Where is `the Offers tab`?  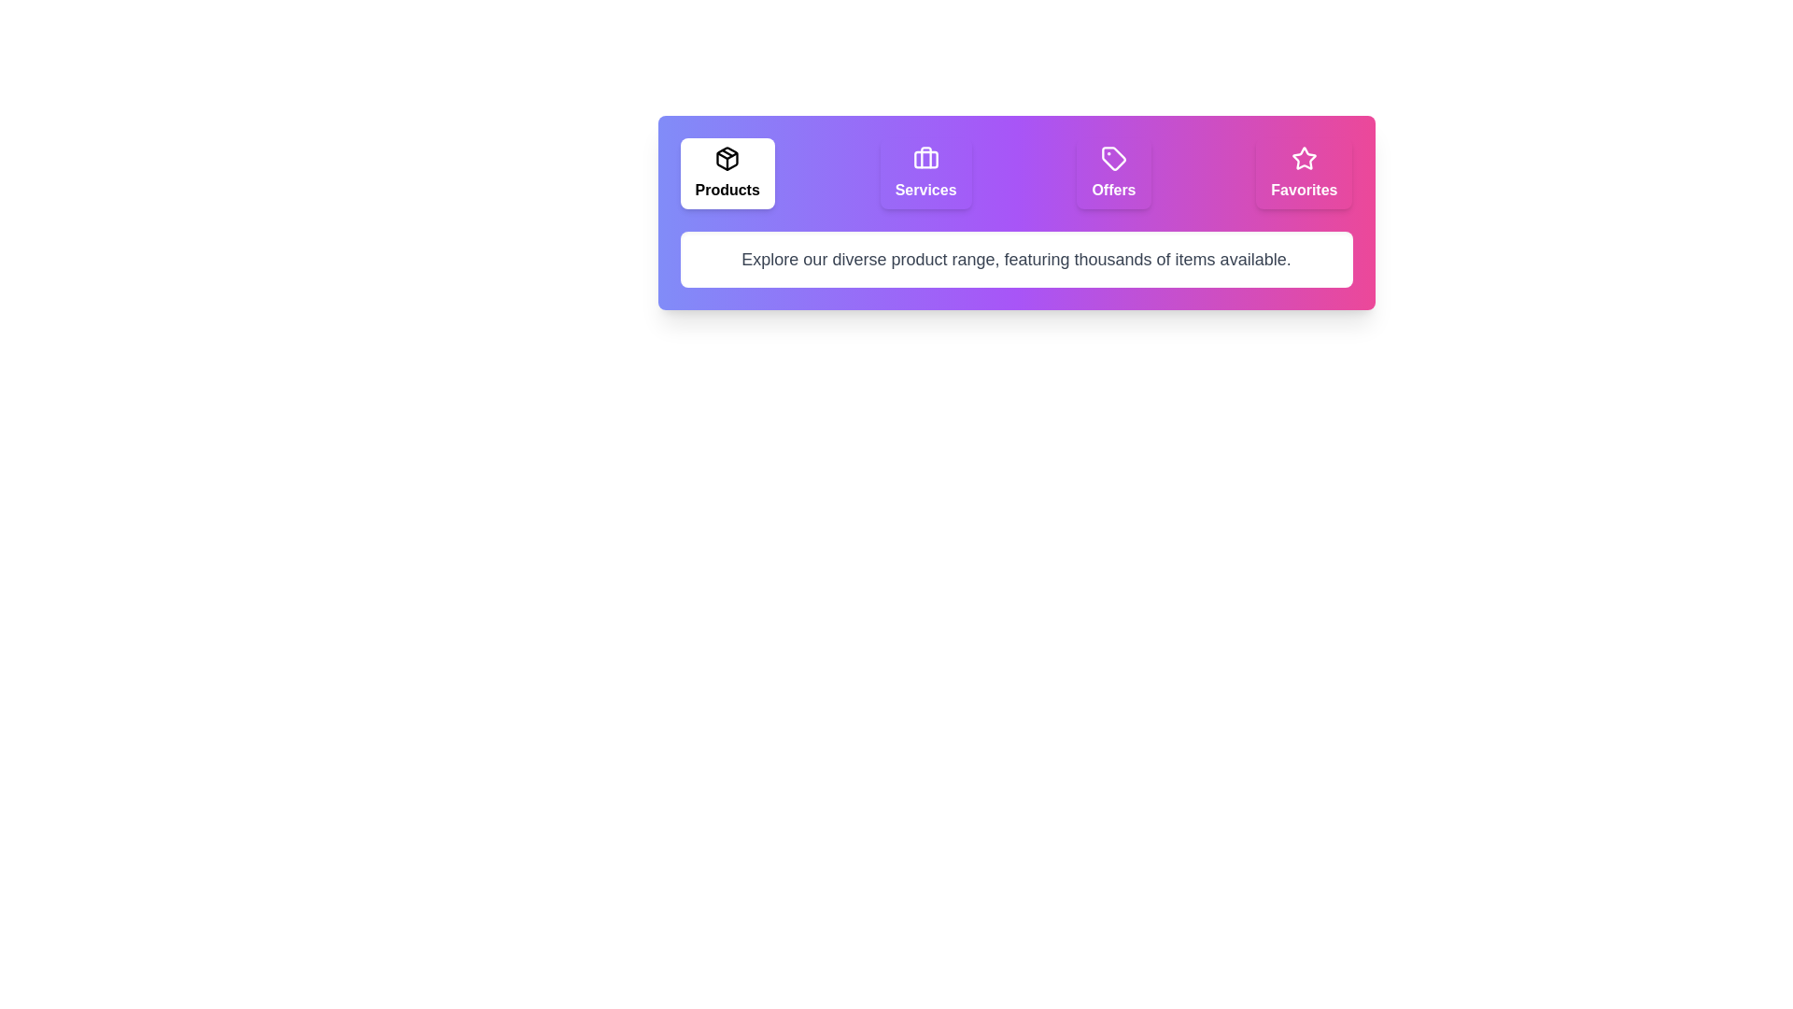
the Offers tab is located at coordinates (1113, 173).